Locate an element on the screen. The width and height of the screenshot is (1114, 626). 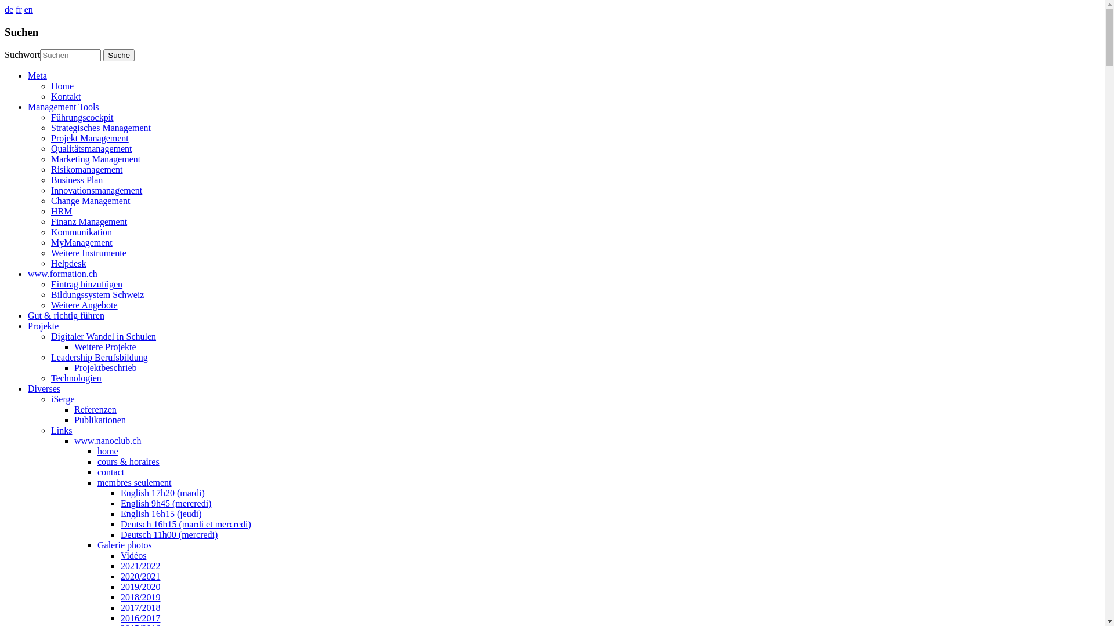
'Strategisches Management' is located at coordinates (100, 128).